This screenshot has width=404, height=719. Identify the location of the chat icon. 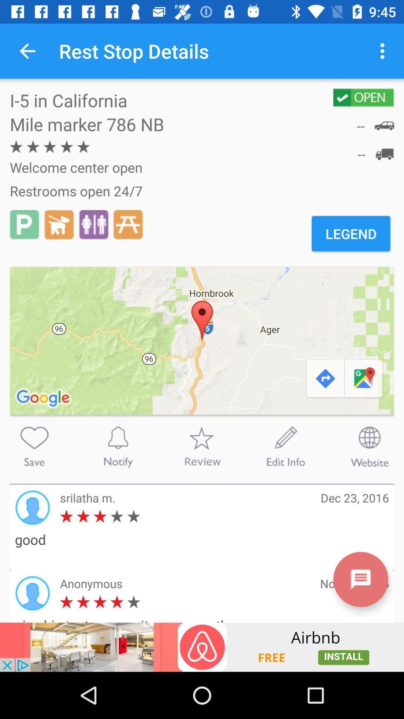
(360, 579).